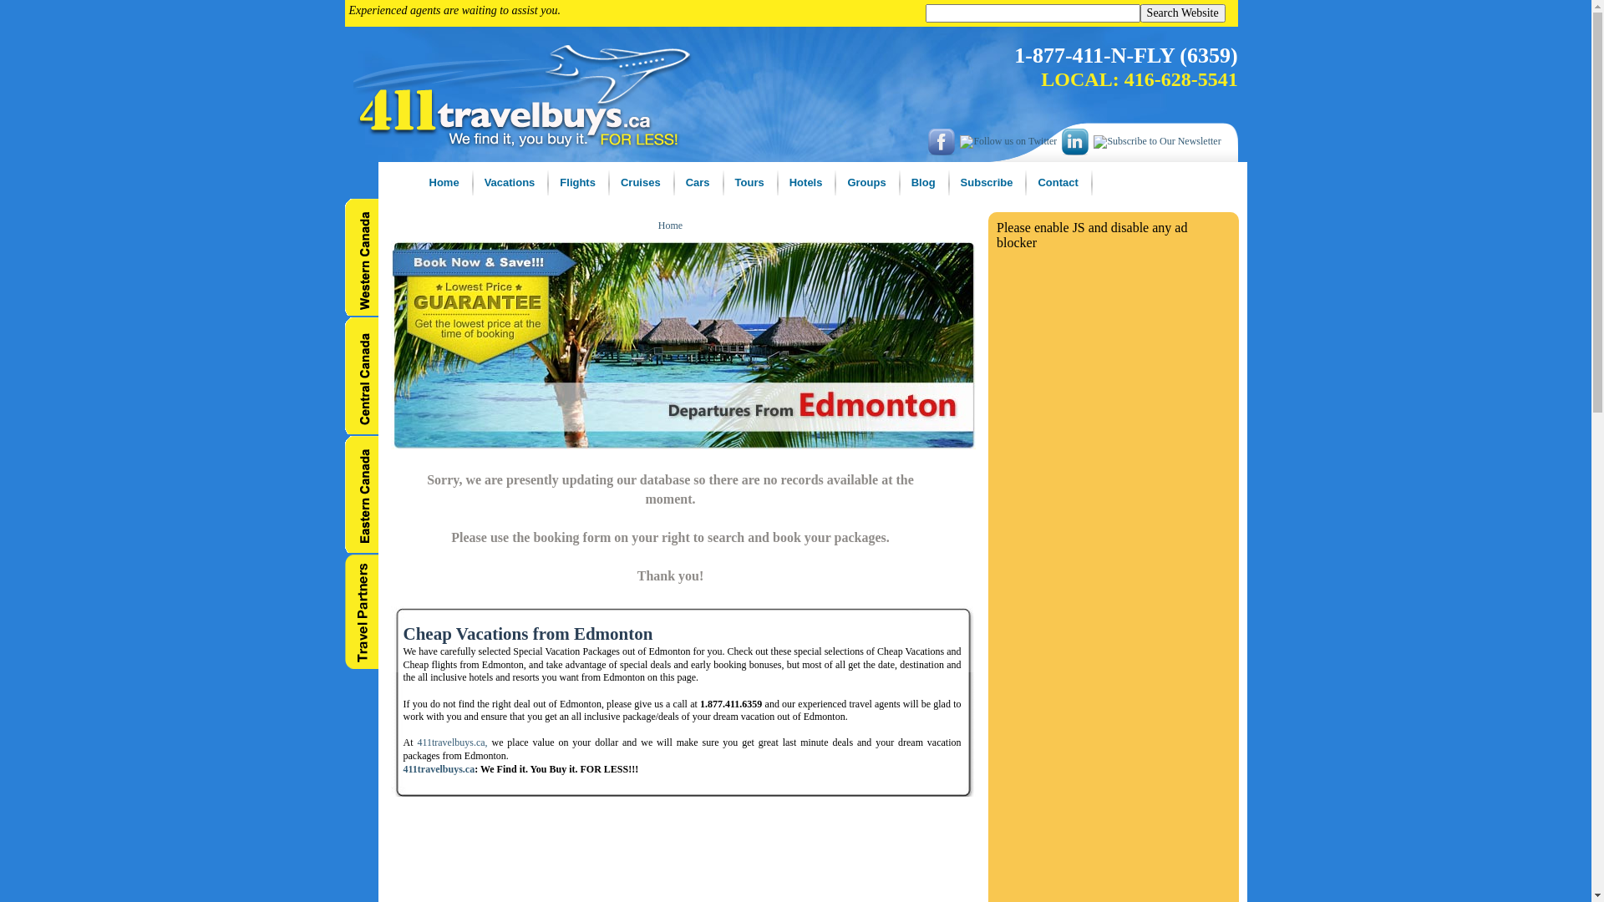 The height and width of the screenshot is (902, 1604). What do you see at coordinates (403, 208) in the screenshot?
I see `'Home'` at bounding box center [403, 208].